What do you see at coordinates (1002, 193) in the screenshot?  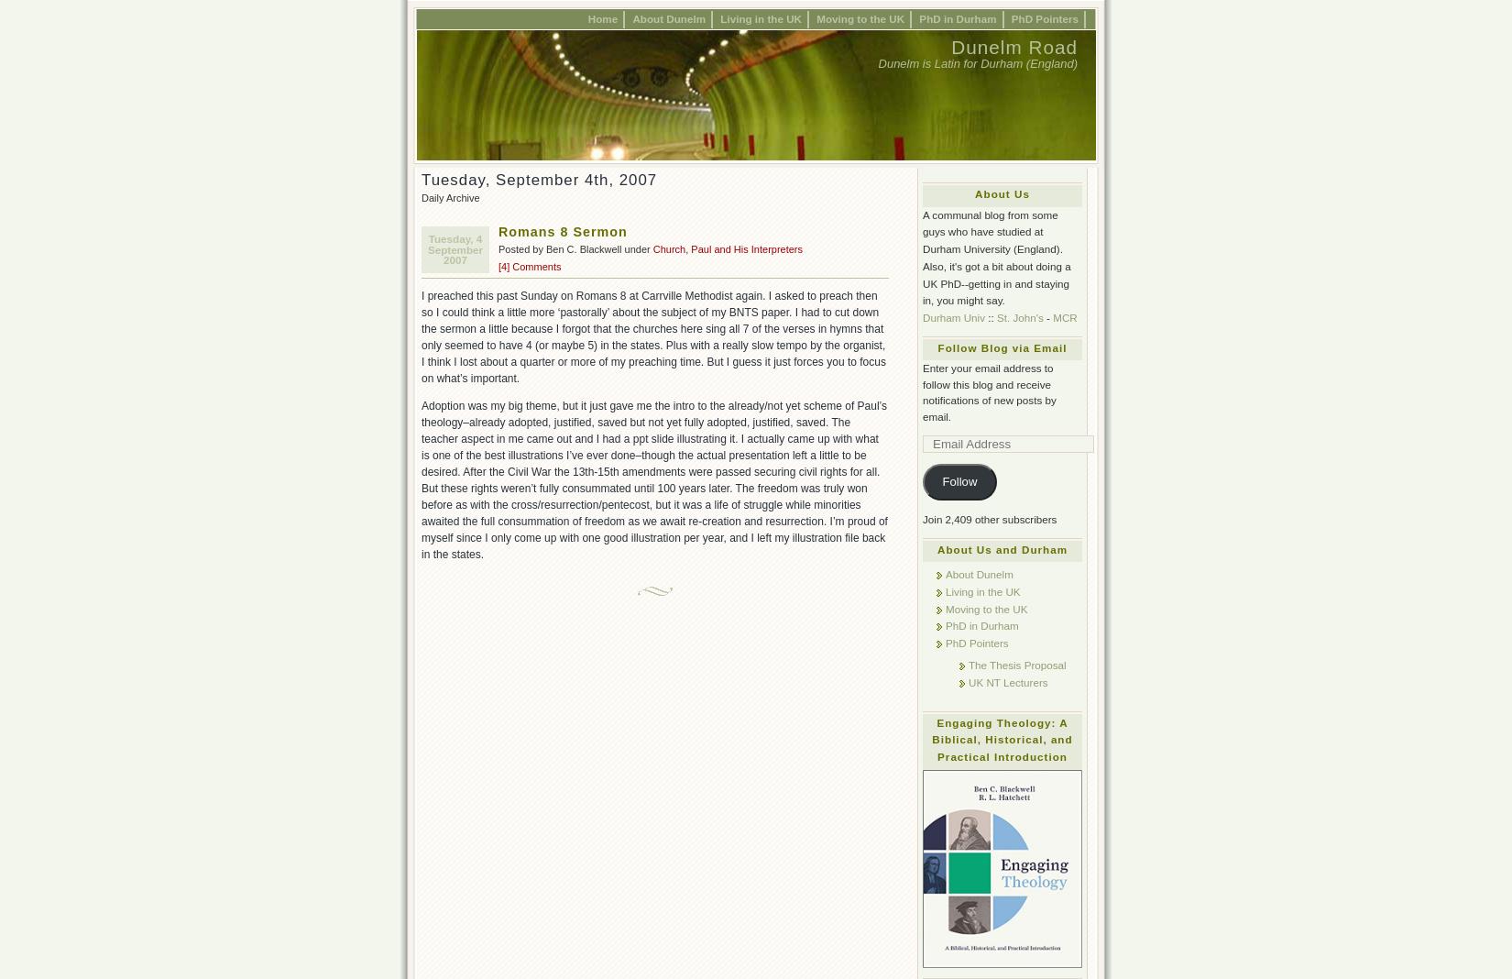 I see `'About Us'` at bounding box center [1002, 193].